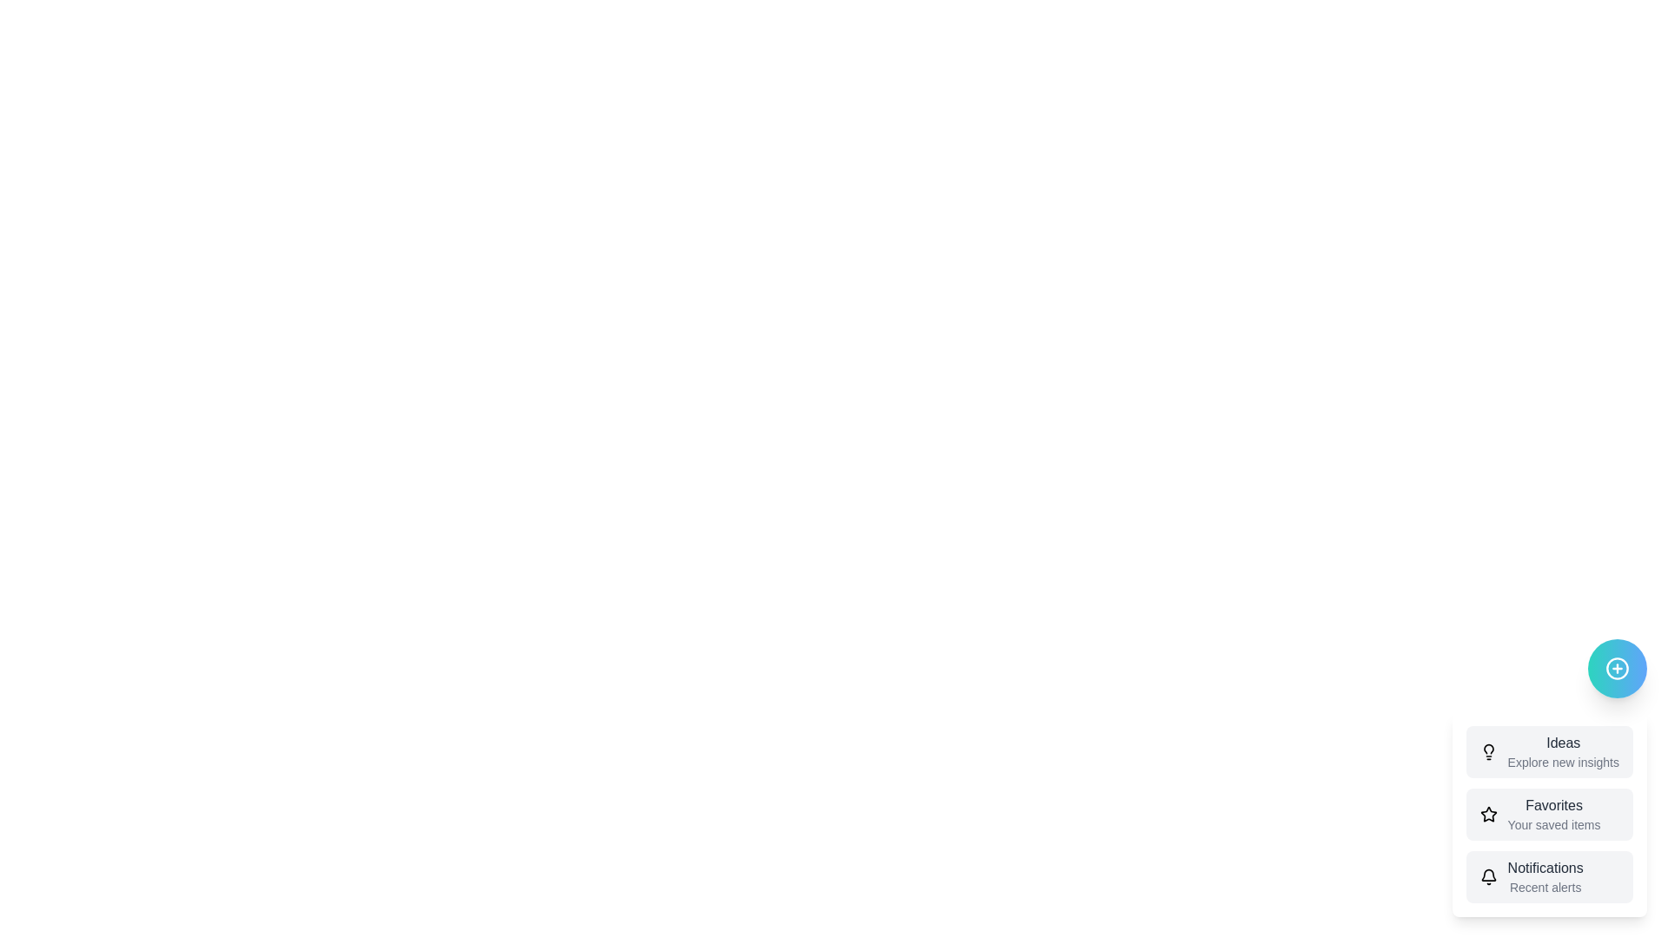 Image resolution: width=1668 pixels, height=938 pixels. What do you see at coordinates (1487, 751) in the screenshot?
I see `the light bulb icon representing ideas, located at the top of the 'Ideas' entry in a vertical list` at bounding box center [1487, 751].